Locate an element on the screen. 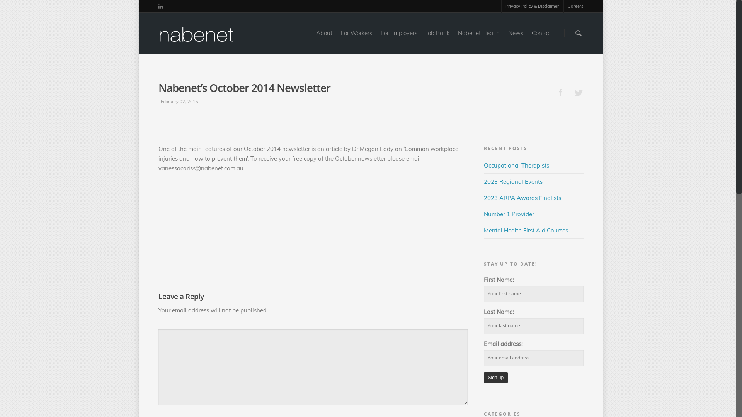 This screenshot has width=742, height=417. 'Careers' is located at coordinates (573, 6).